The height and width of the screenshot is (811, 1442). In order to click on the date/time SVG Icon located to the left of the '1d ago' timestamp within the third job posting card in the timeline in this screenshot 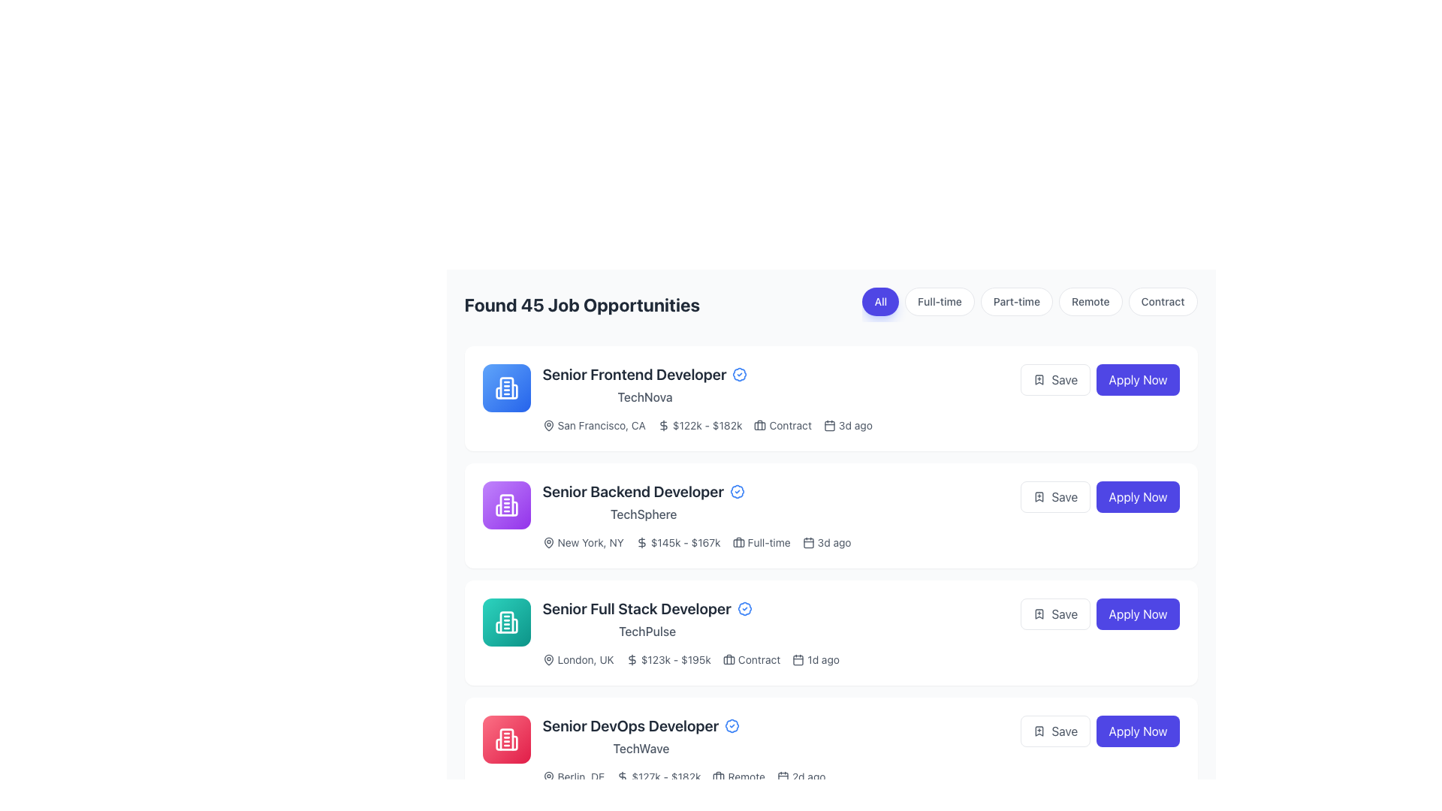, I will do `click(798, 659)`.